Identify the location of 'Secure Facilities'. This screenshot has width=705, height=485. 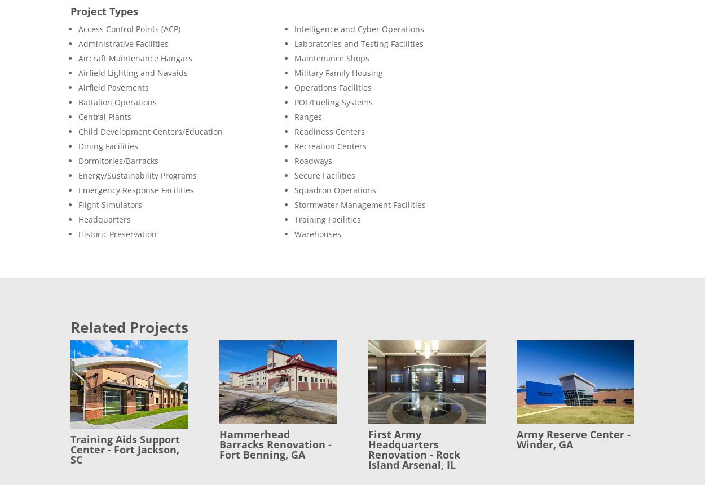
(324, 175).